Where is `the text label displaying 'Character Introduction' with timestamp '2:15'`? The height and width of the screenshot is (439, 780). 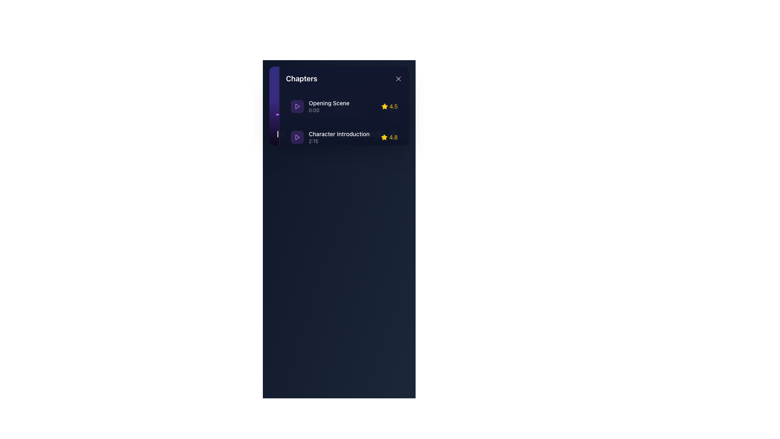 the text label displaying 'Character Introduction' with timestamp '2:15' is located at coordinates (339, 137).